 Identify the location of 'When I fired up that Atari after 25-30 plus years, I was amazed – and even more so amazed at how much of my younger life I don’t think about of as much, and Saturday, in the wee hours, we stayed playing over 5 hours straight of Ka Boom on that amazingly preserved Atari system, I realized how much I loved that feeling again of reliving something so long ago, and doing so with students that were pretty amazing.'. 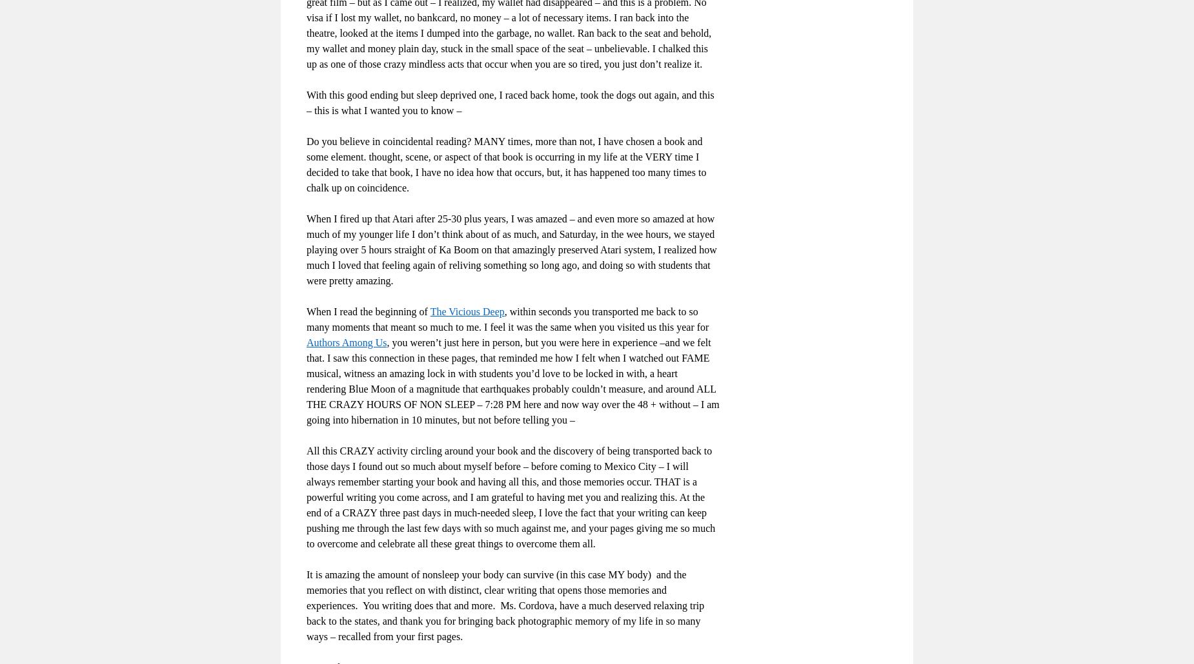
(511, 249).